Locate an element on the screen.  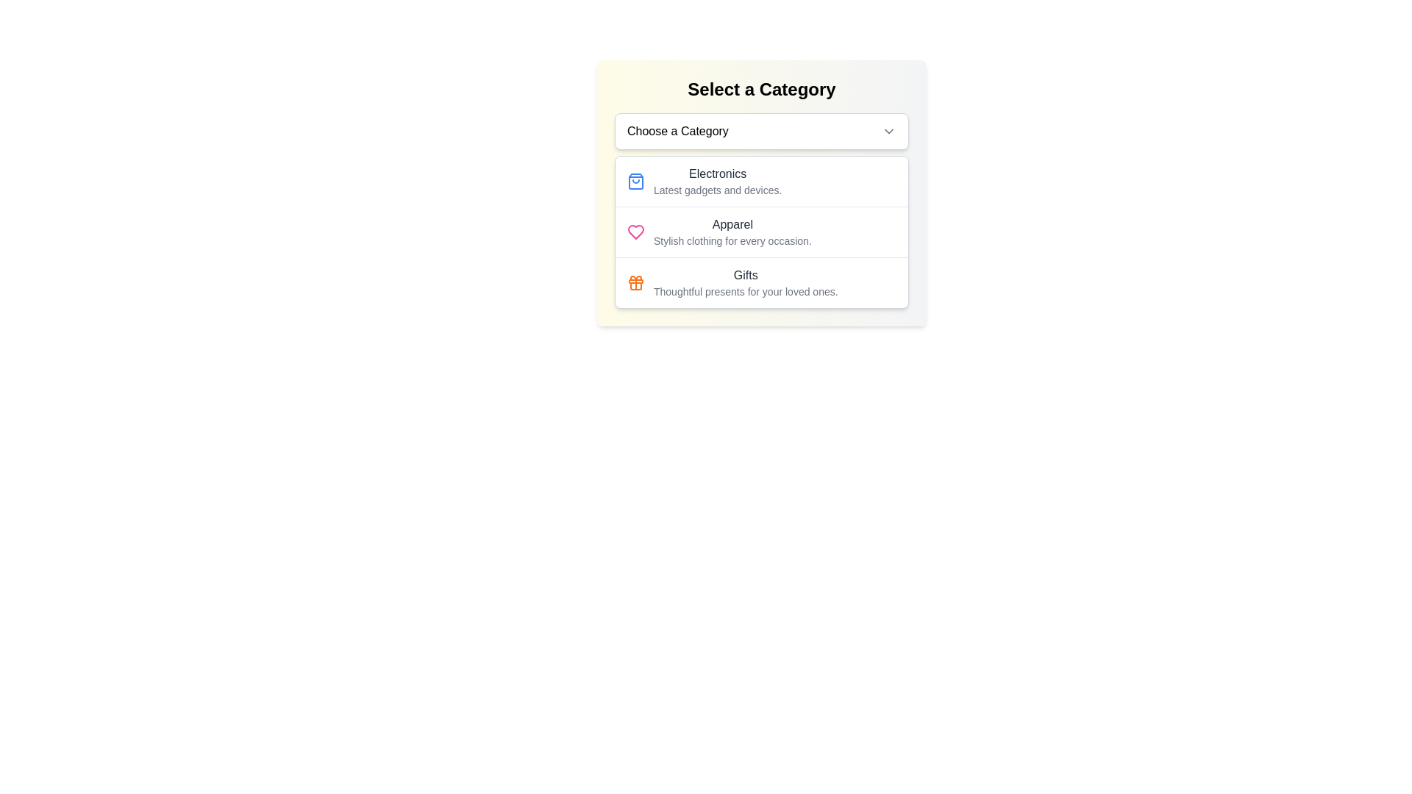
the 'Electronics' text label in the dropdown menu that indicates a category, located in the left section of the horizontal list item beneath the 'Choose a Category' dropdown selector is located at coordinates (718, 180).